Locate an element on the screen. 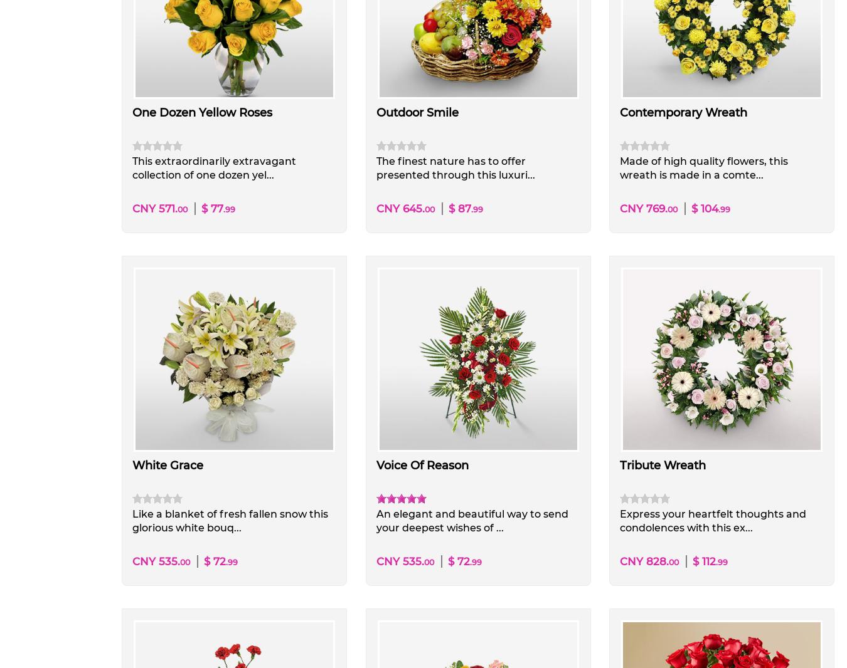 The image size is (847, 668). '$ 104' is located at coordinates (704, 209).